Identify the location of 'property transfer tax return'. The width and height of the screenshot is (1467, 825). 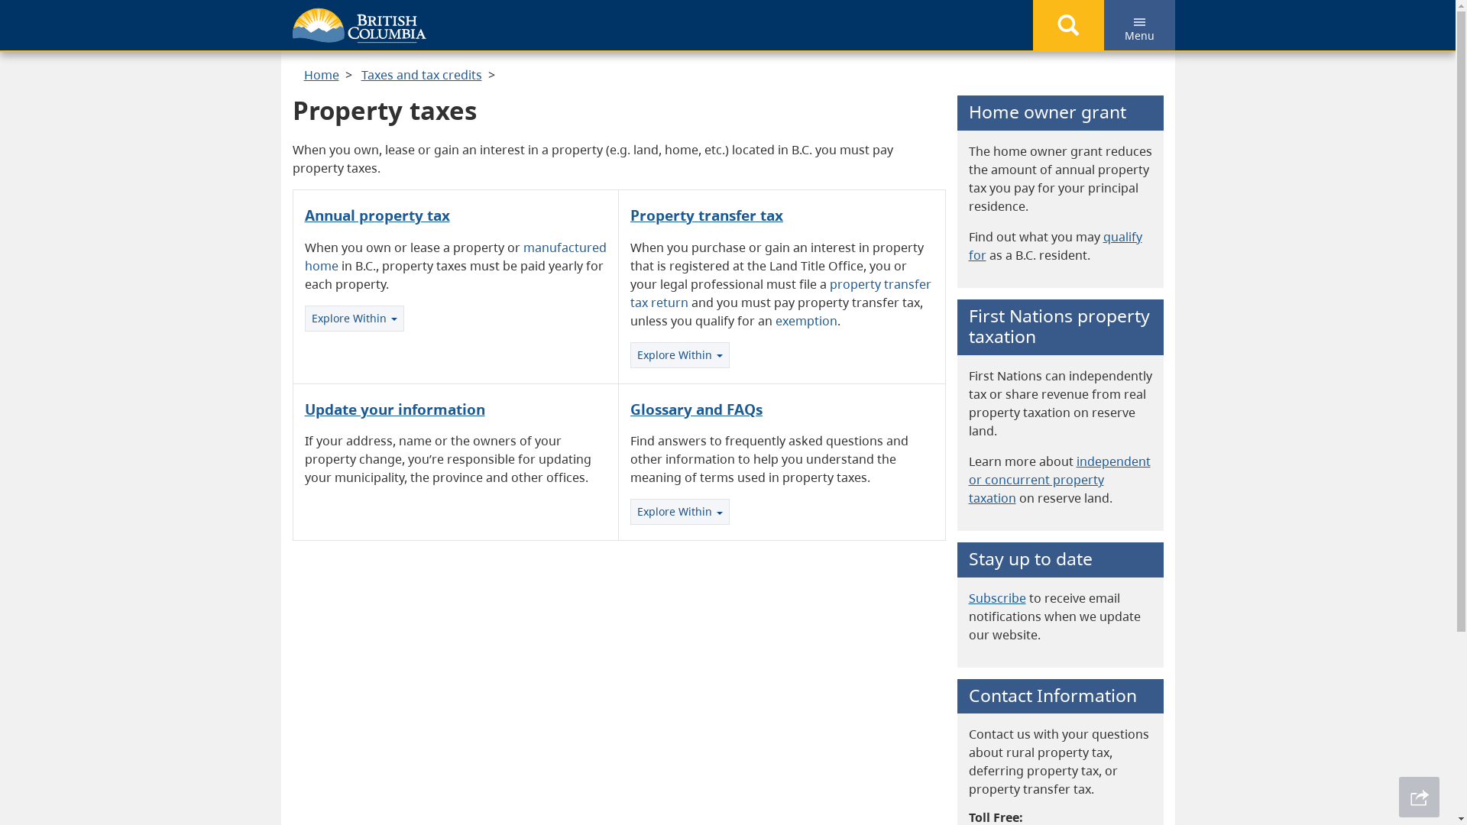
(781, 293).